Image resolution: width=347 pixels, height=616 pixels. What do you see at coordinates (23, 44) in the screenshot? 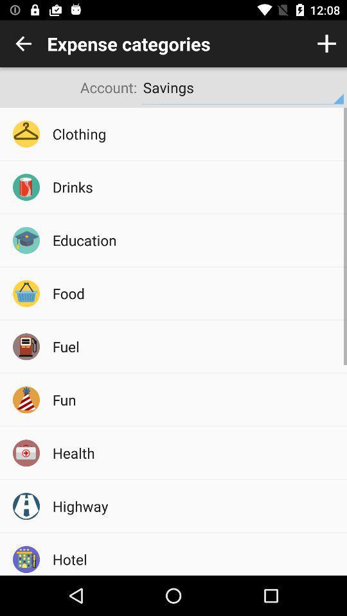
I see `icon next to expense categories icon` at bounding box center [23, 44].